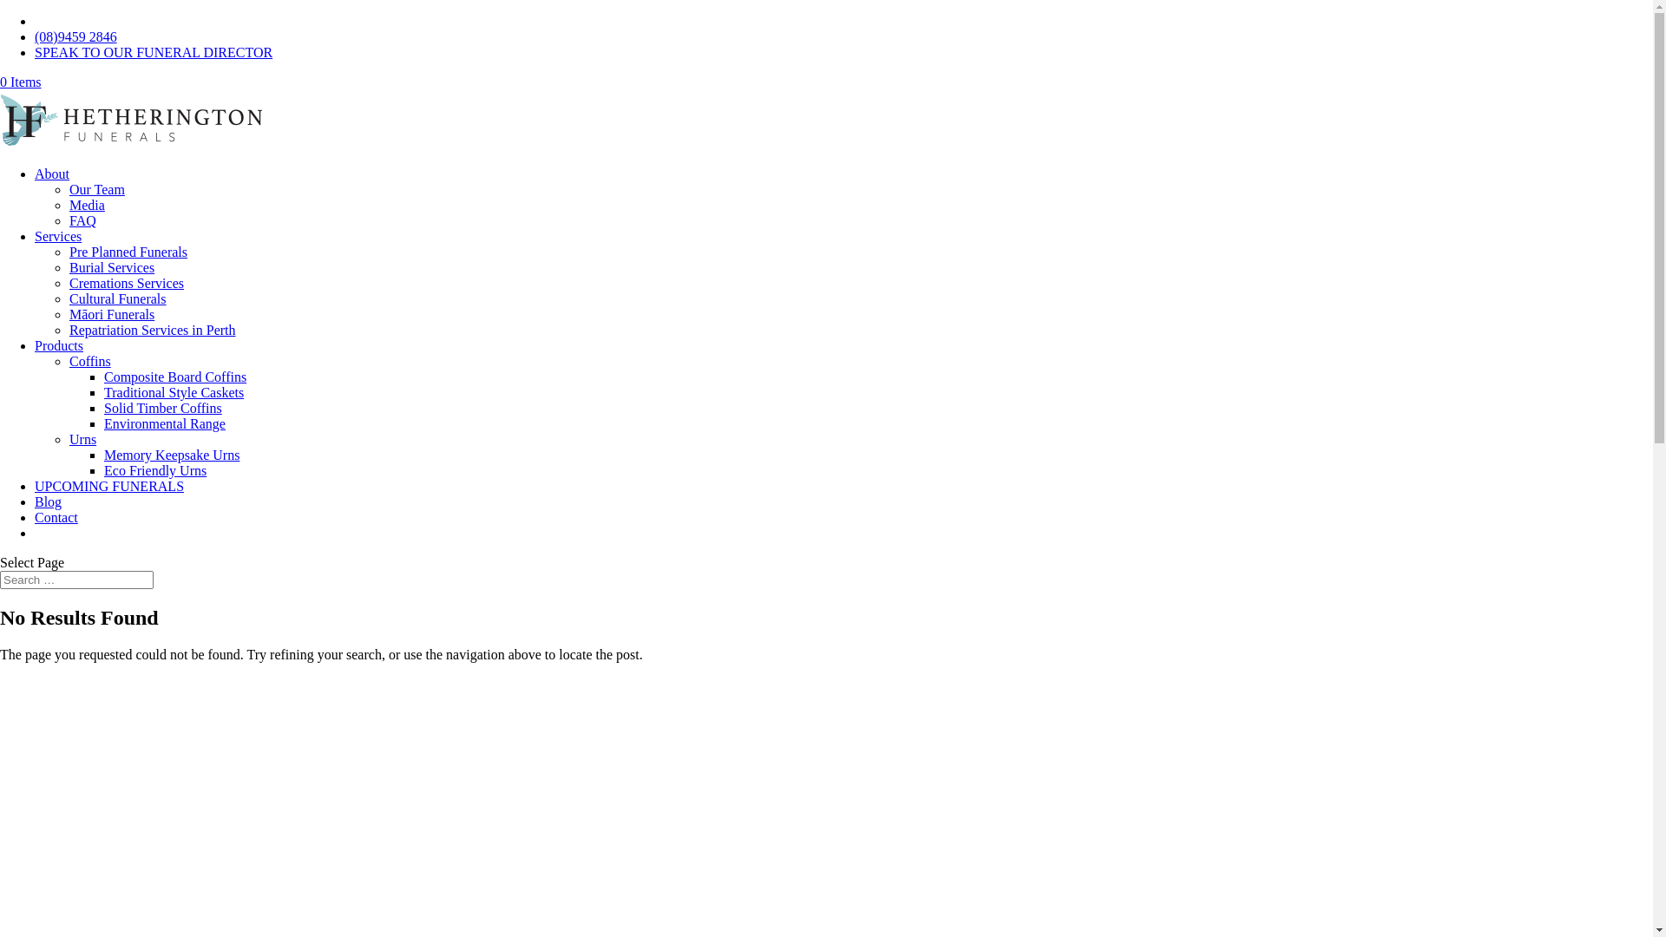 The image size is (1666, 937). What do you see at coordinates (89, 360) in the screenshot?
I see `'Coffins'` at bounding box center [89, 360].